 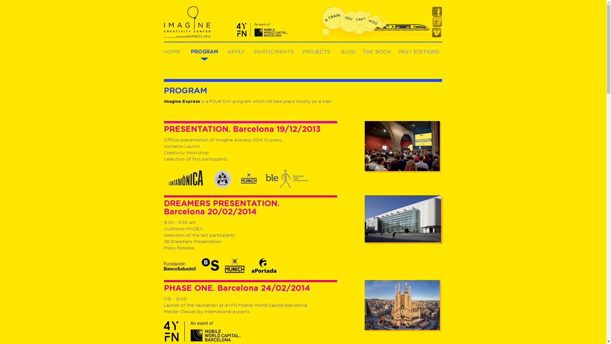 What do you see at coordinates (348, 51) in the screenshot?
I see `'BLOG'` at bounding box center [348, 51].